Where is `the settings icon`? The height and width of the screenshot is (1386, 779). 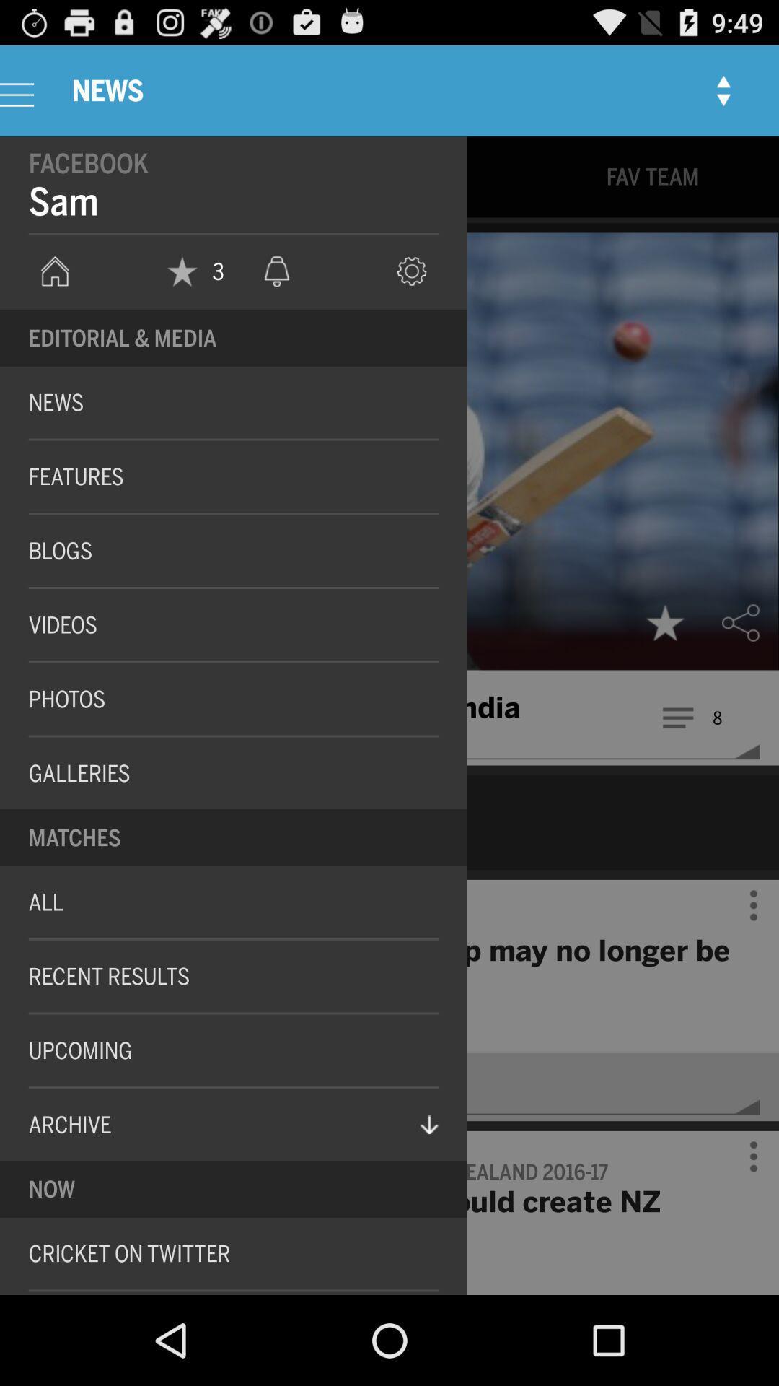 the settings icon is located at coordinates (412, 290).